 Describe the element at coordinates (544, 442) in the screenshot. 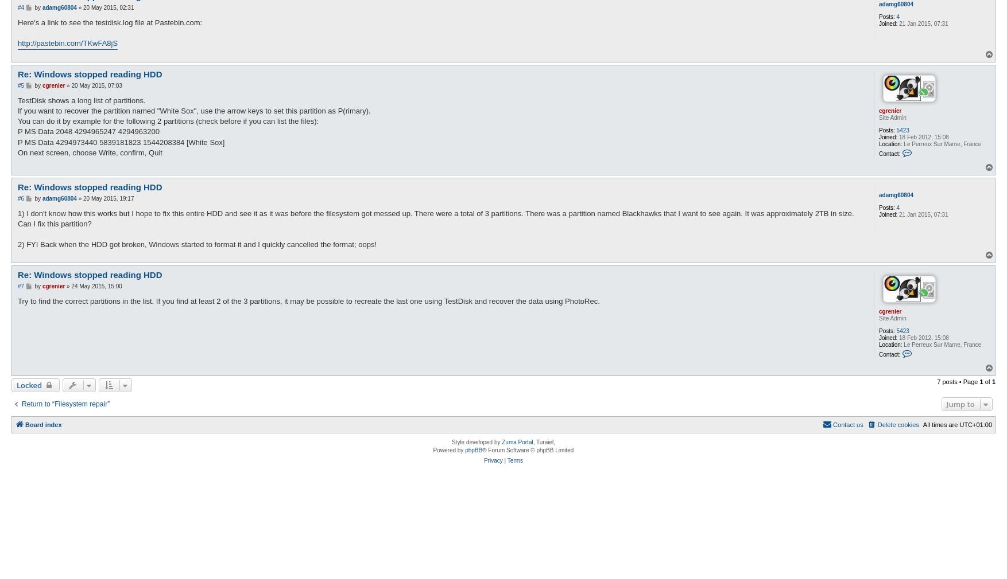

I see `', Turaiel,'` at that location.